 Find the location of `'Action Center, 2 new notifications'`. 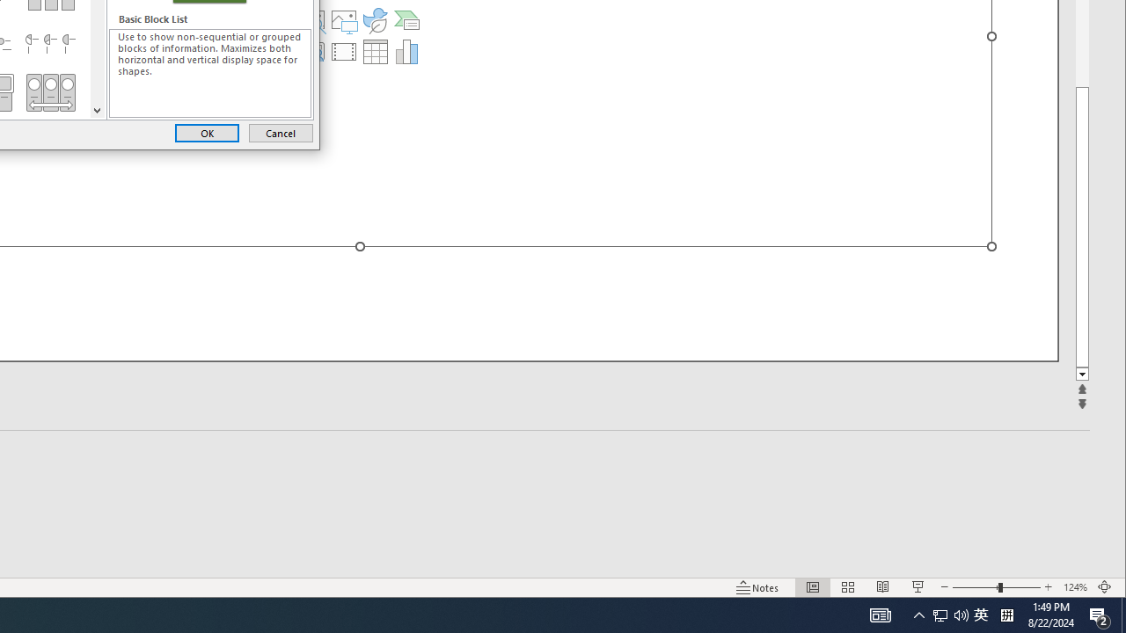

'Action Center, 2 new notifications' is located at coordinates (1074, 587).